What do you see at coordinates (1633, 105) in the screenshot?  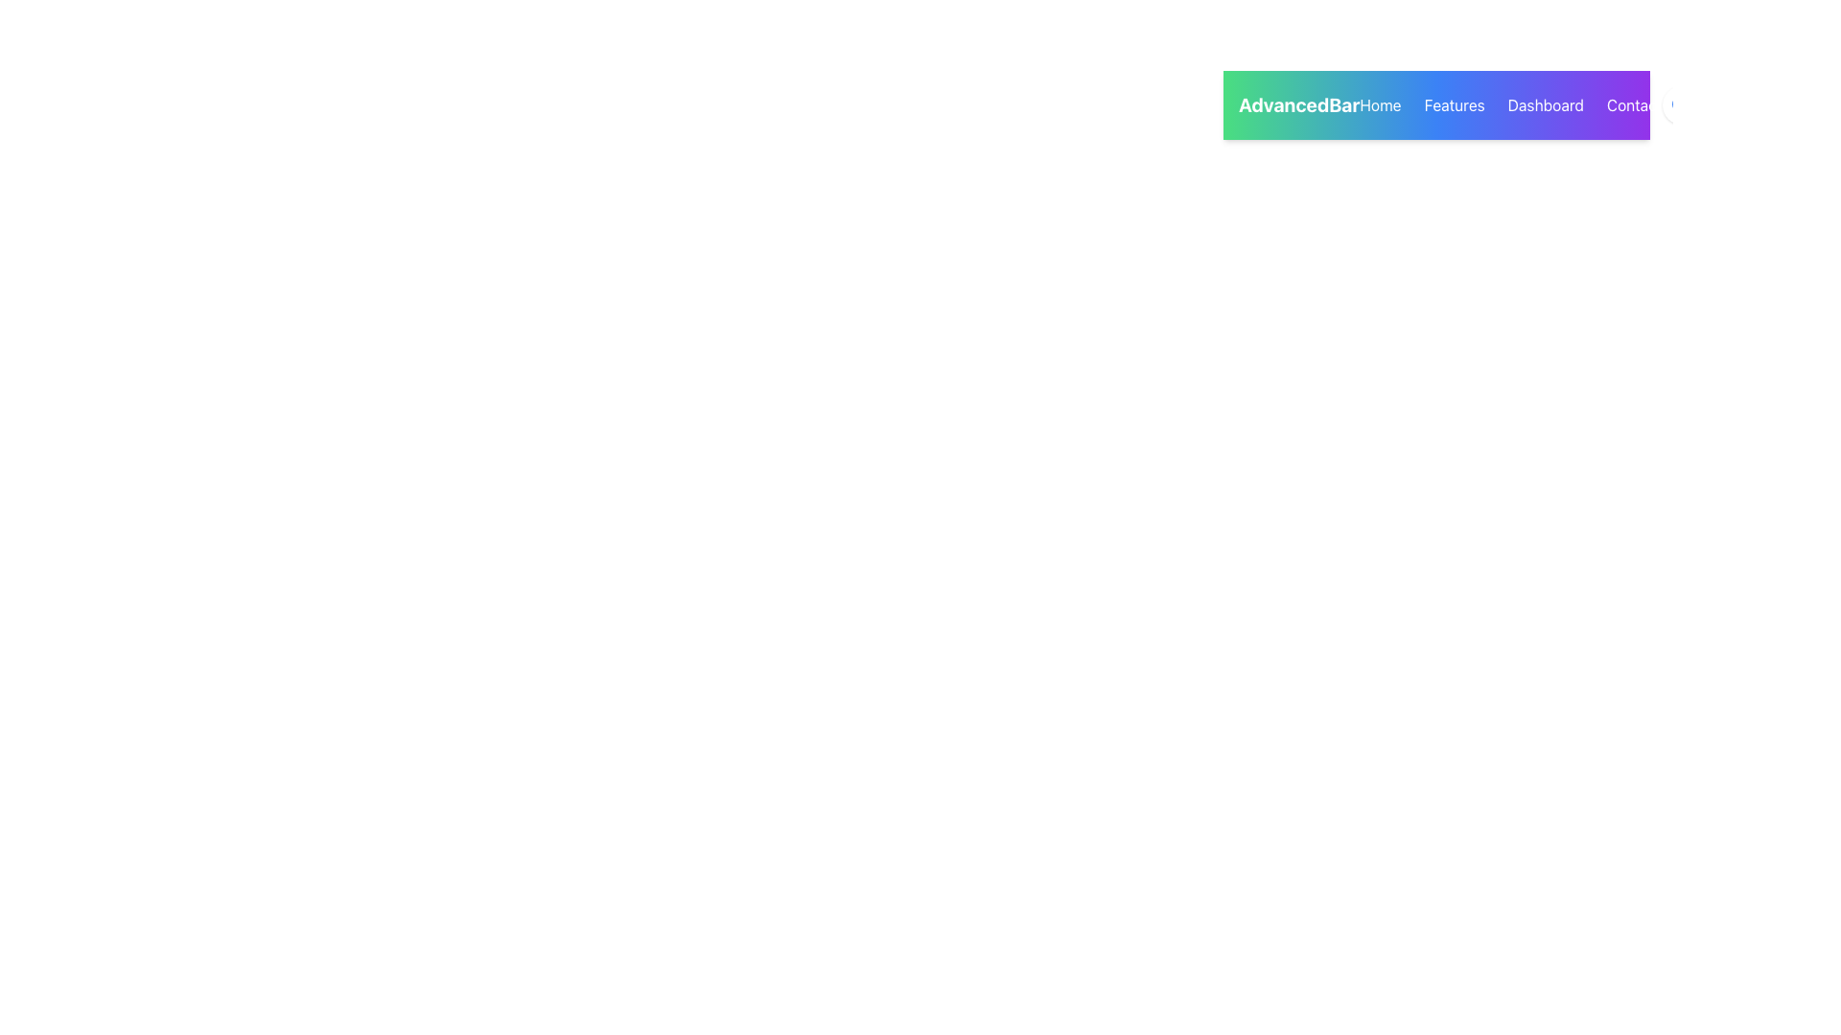 I see `the clickable navigation link located at the far right of the horizontal navigation bar` at bounding box center [1633, 105].